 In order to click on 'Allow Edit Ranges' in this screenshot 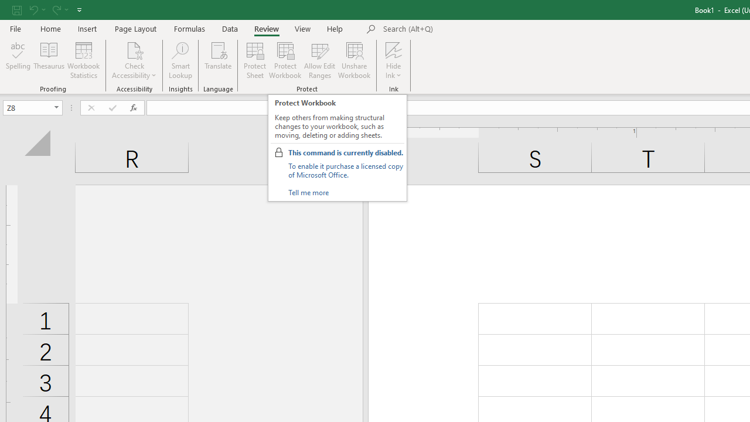, I will do `click(319, 60)`.